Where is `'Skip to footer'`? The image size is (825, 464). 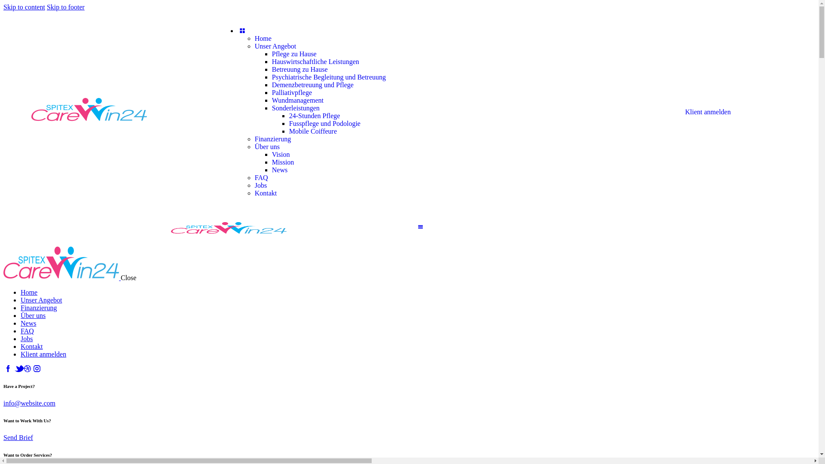 'Skip to footer' is located at coordinates (46, 7).